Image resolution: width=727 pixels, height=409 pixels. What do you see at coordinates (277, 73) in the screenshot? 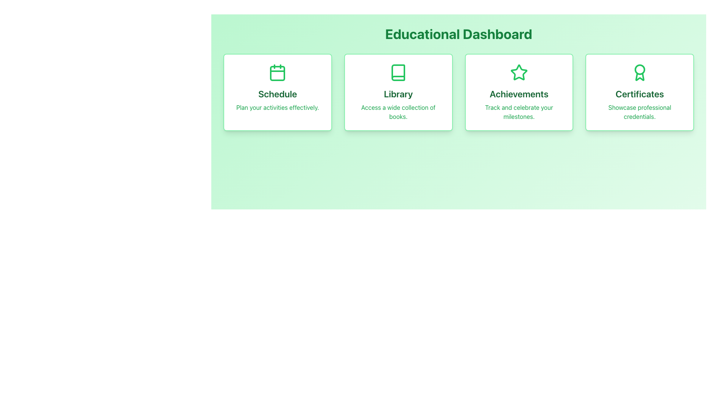
I see `the calendar icon with a green frame located at the top-middle position of the 'Schedule' card block` at bounding box center [277, 73].